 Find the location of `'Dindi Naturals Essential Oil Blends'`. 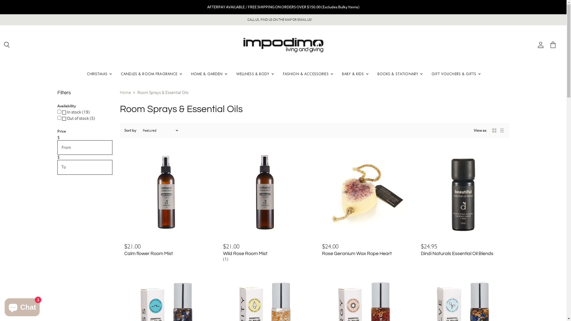

'Dindi Naturals Essential Oil Blends' is located at coordinates (421, 253).